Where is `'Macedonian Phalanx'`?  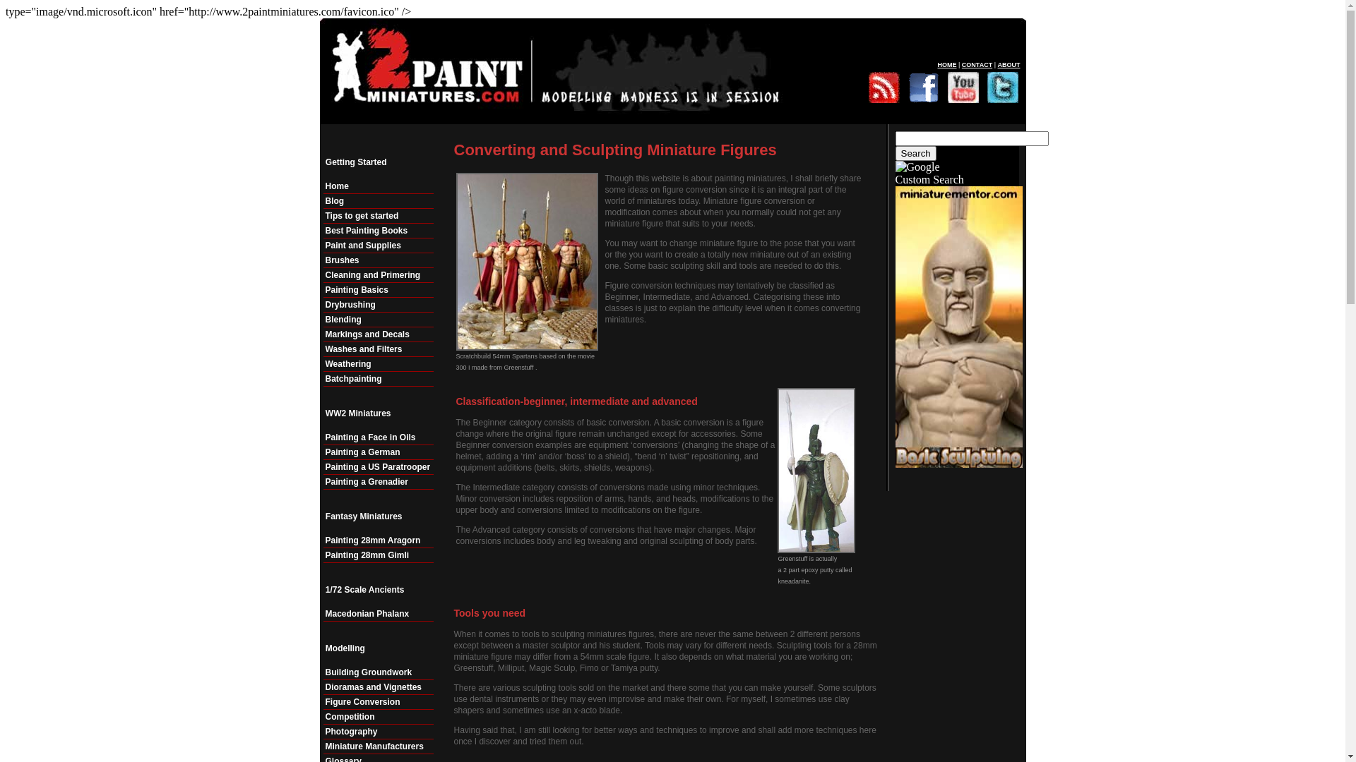
'Macedonian Phalanx' is located at coordinates (379, 613).